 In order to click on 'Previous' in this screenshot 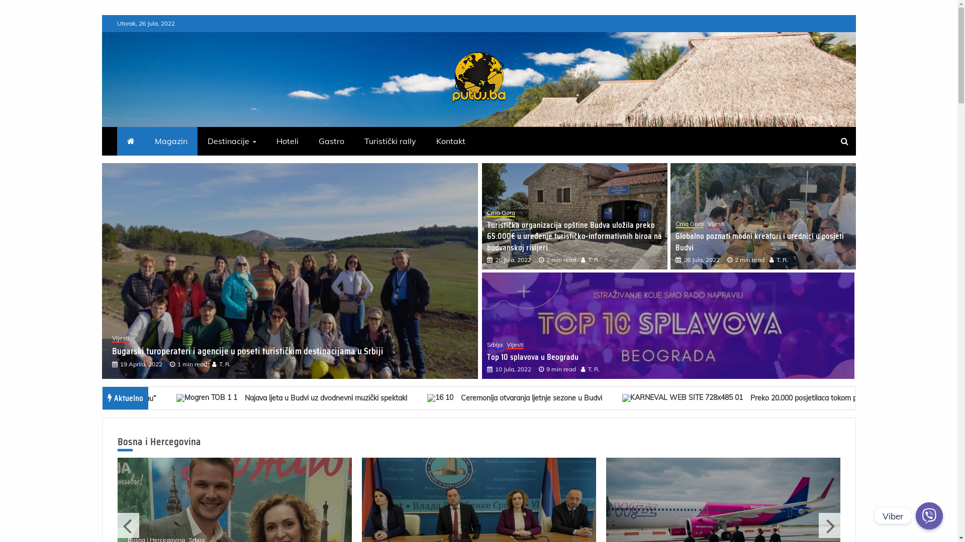, I will do `click(128, 524)`.